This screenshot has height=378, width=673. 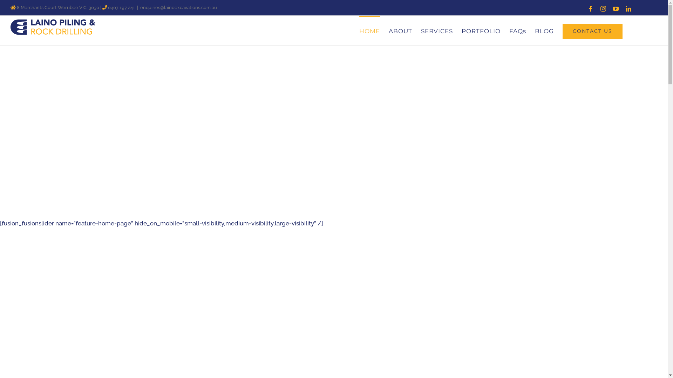 What do you see at coordinates (421, 30) in the screenshot?
I see `'SERVICES'` at bounding box center [421, 30].